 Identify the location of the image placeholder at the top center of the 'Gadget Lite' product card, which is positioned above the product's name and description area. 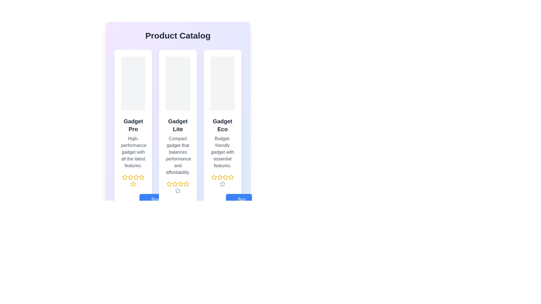
(178, 84).